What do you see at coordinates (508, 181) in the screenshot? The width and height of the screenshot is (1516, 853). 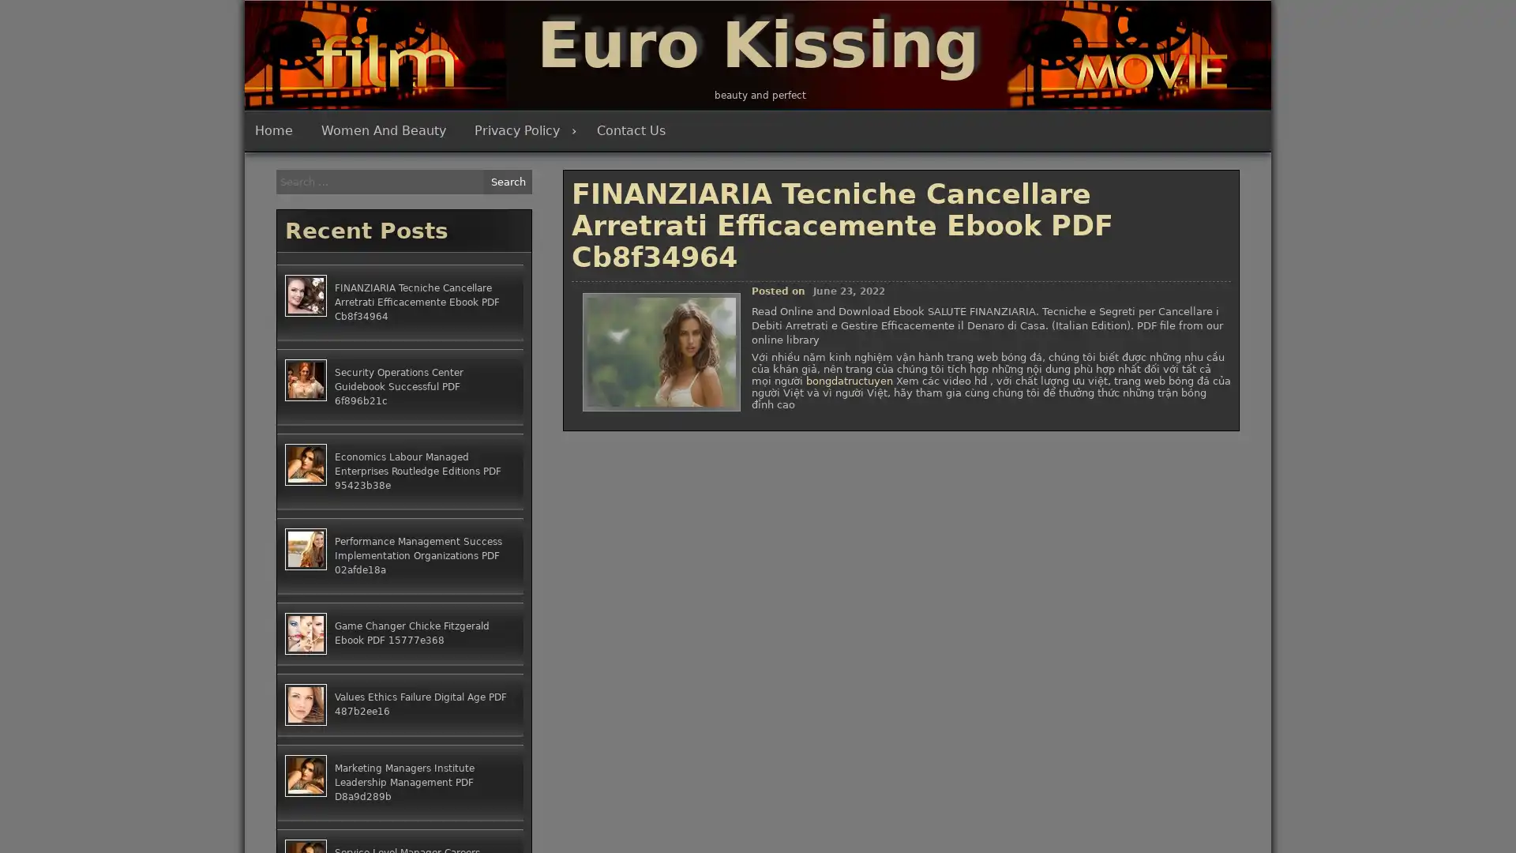 I see `Search` at bounding box center [508, 181].